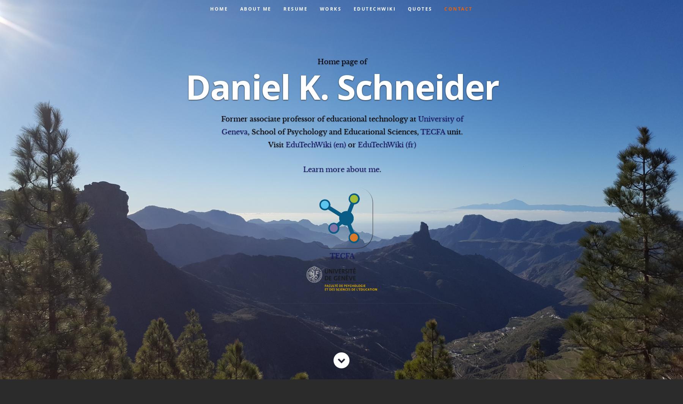 This screenshot has width=683, height=404. Describe the element at coordinates (255, 8) in the screenshot. I see `'About me'` at that location.